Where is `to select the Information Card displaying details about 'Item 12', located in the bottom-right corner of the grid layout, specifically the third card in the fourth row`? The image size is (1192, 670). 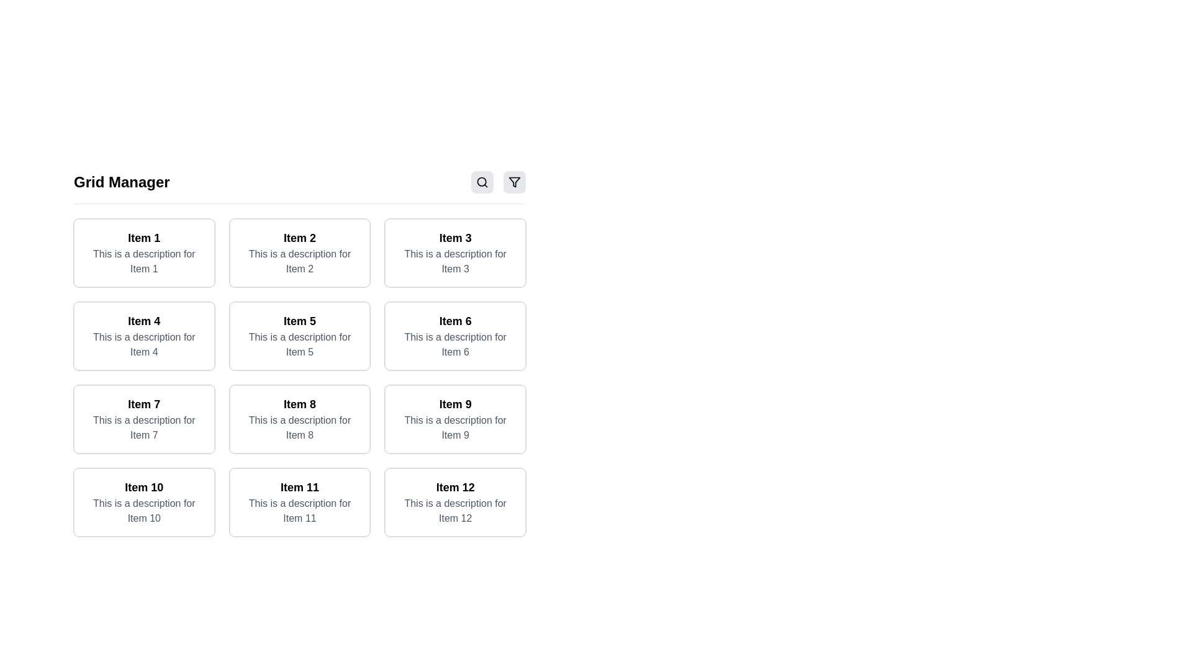
to select the Information Card displaying details about 'Item 12', located in the bottom-right corner of the grid layout, specifically the third card in the fourth row is located at coordinates (454, 502).